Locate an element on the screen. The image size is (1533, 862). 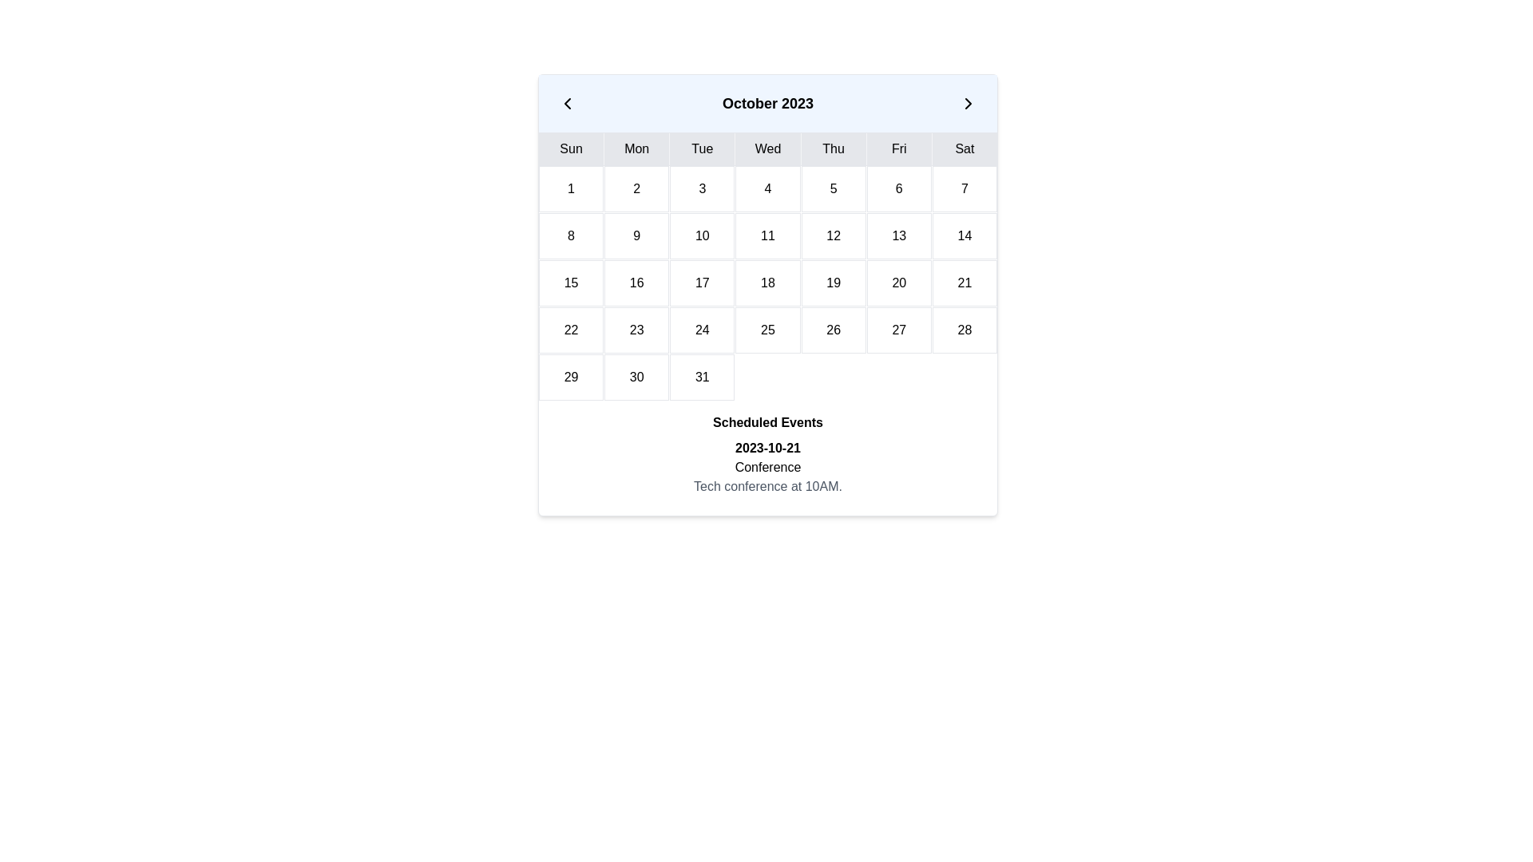
the Text label indicating 'Tuesday' in the calendar widget, which is the third cell in a row of seven representing the days of the week is located at coordinates (702, 148).